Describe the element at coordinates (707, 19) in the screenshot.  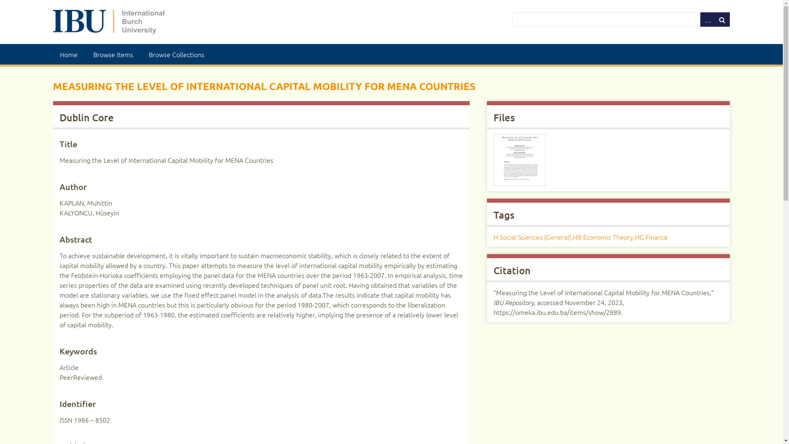
I see `'ADVANCED SEARCH'` at that location.